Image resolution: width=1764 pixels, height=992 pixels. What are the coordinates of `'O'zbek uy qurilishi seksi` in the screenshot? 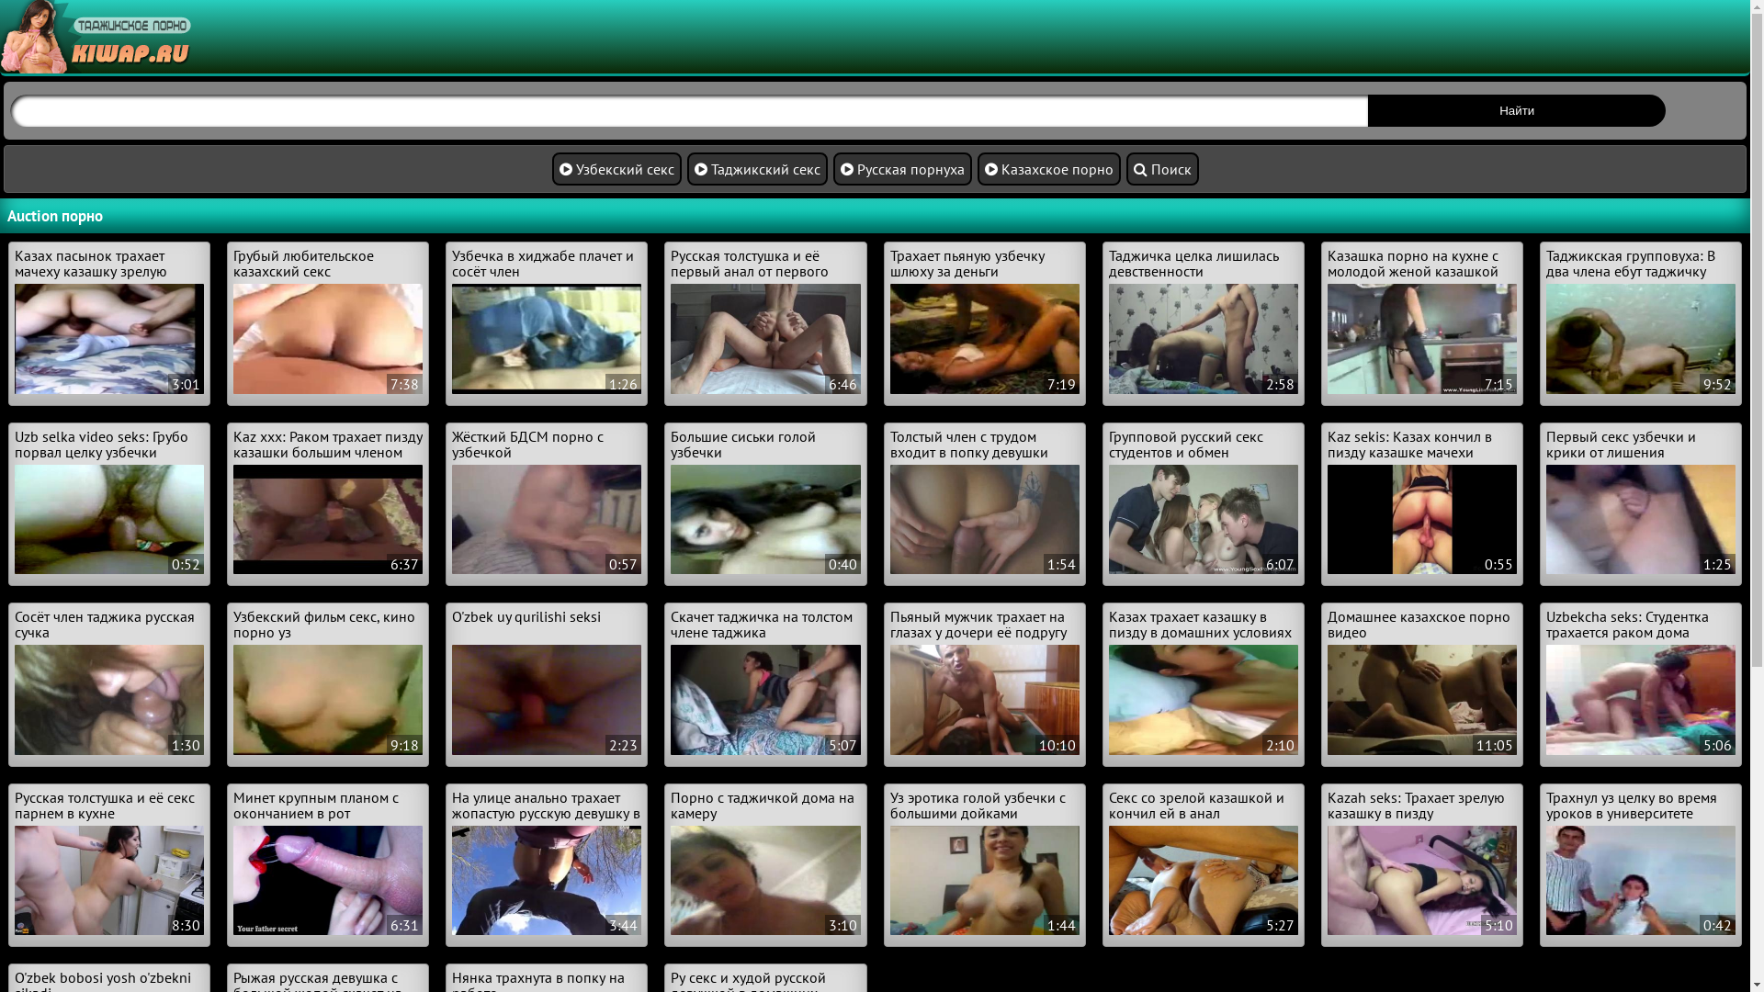 It's located at (546, 682).